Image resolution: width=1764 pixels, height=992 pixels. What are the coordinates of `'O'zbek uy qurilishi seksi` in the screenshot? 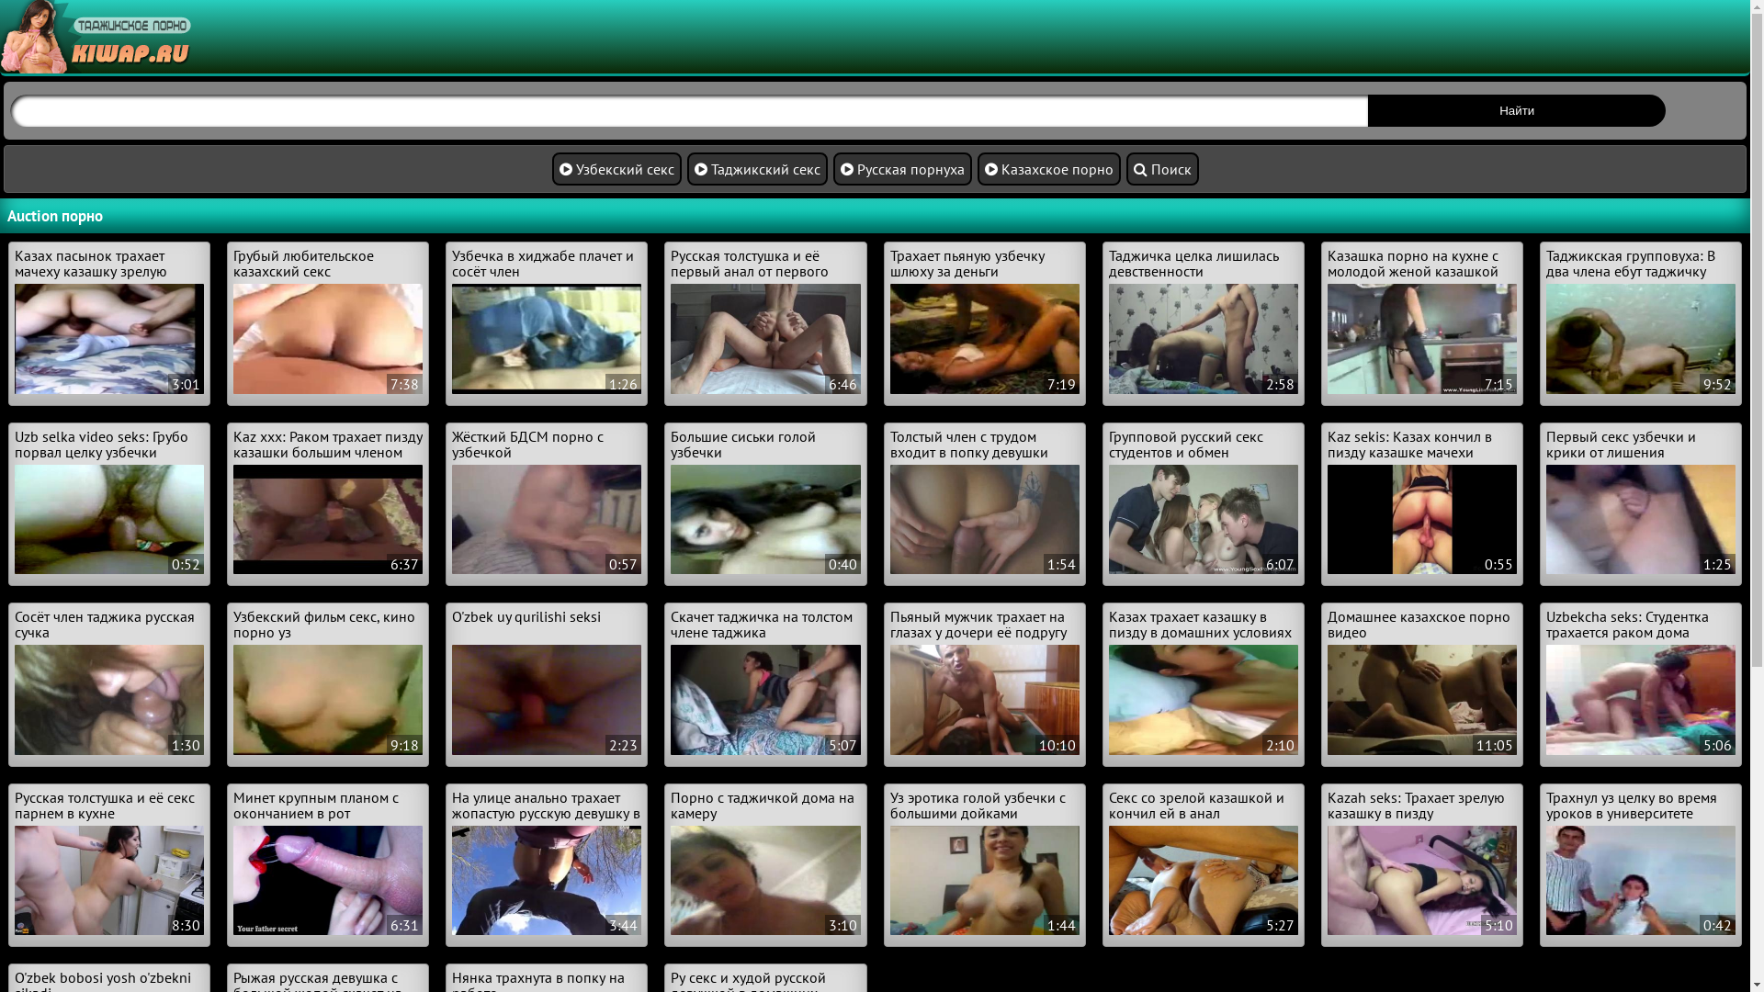 It's located at (546, 682).